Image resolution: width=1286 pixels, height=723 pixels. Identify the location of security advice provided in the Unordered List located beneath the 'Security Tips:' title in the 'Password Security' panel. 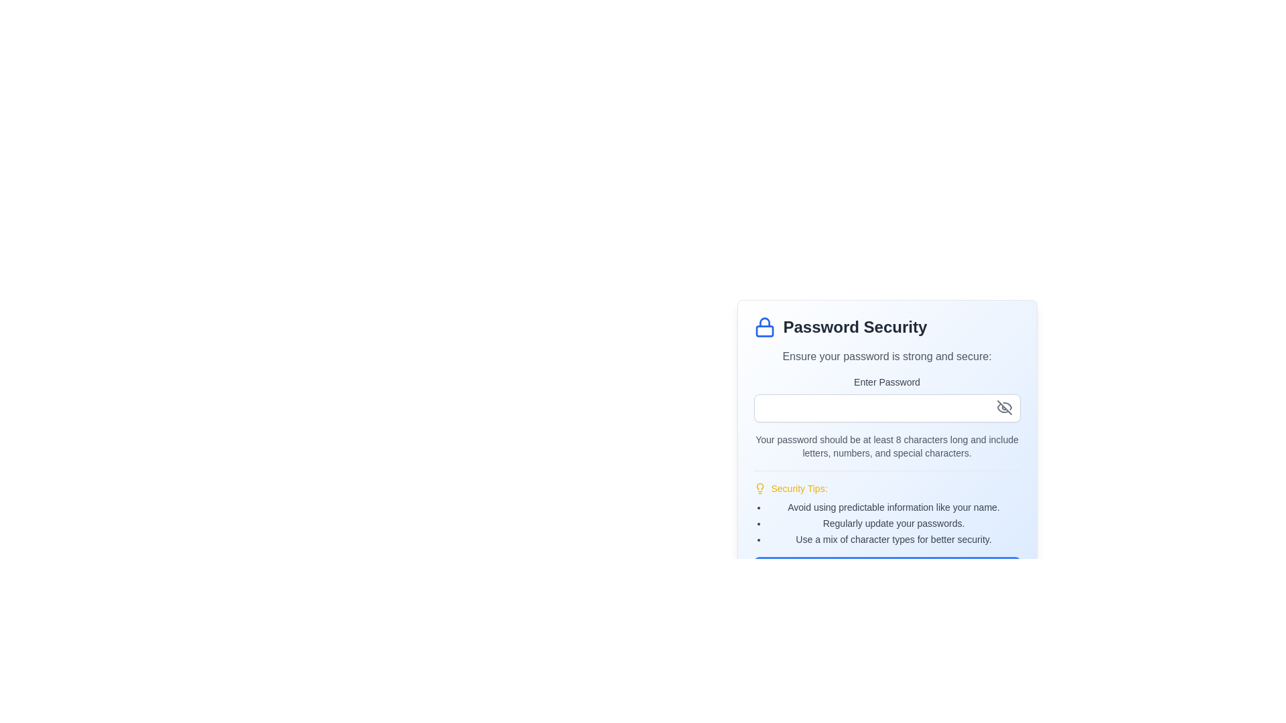
(887, 523).